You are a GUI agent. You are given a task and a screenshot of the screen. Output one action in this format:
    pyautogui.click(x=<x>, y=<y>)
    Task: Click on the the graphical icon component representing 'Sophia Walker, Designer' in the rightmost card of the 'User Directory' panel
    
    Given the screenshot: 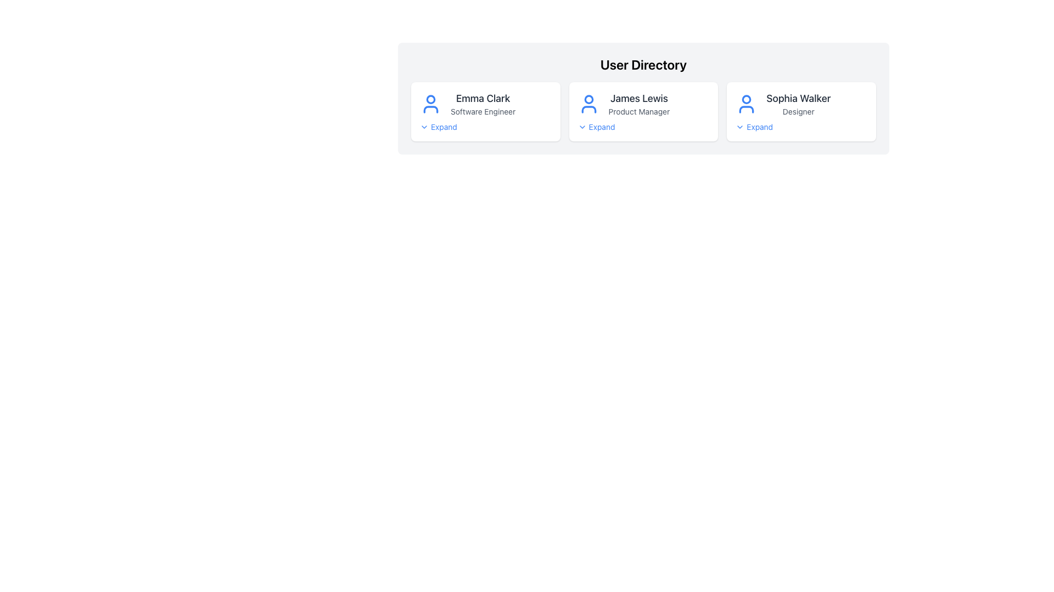 What is the action you would take?
    pyautogui.click(x=747, y=99)
    